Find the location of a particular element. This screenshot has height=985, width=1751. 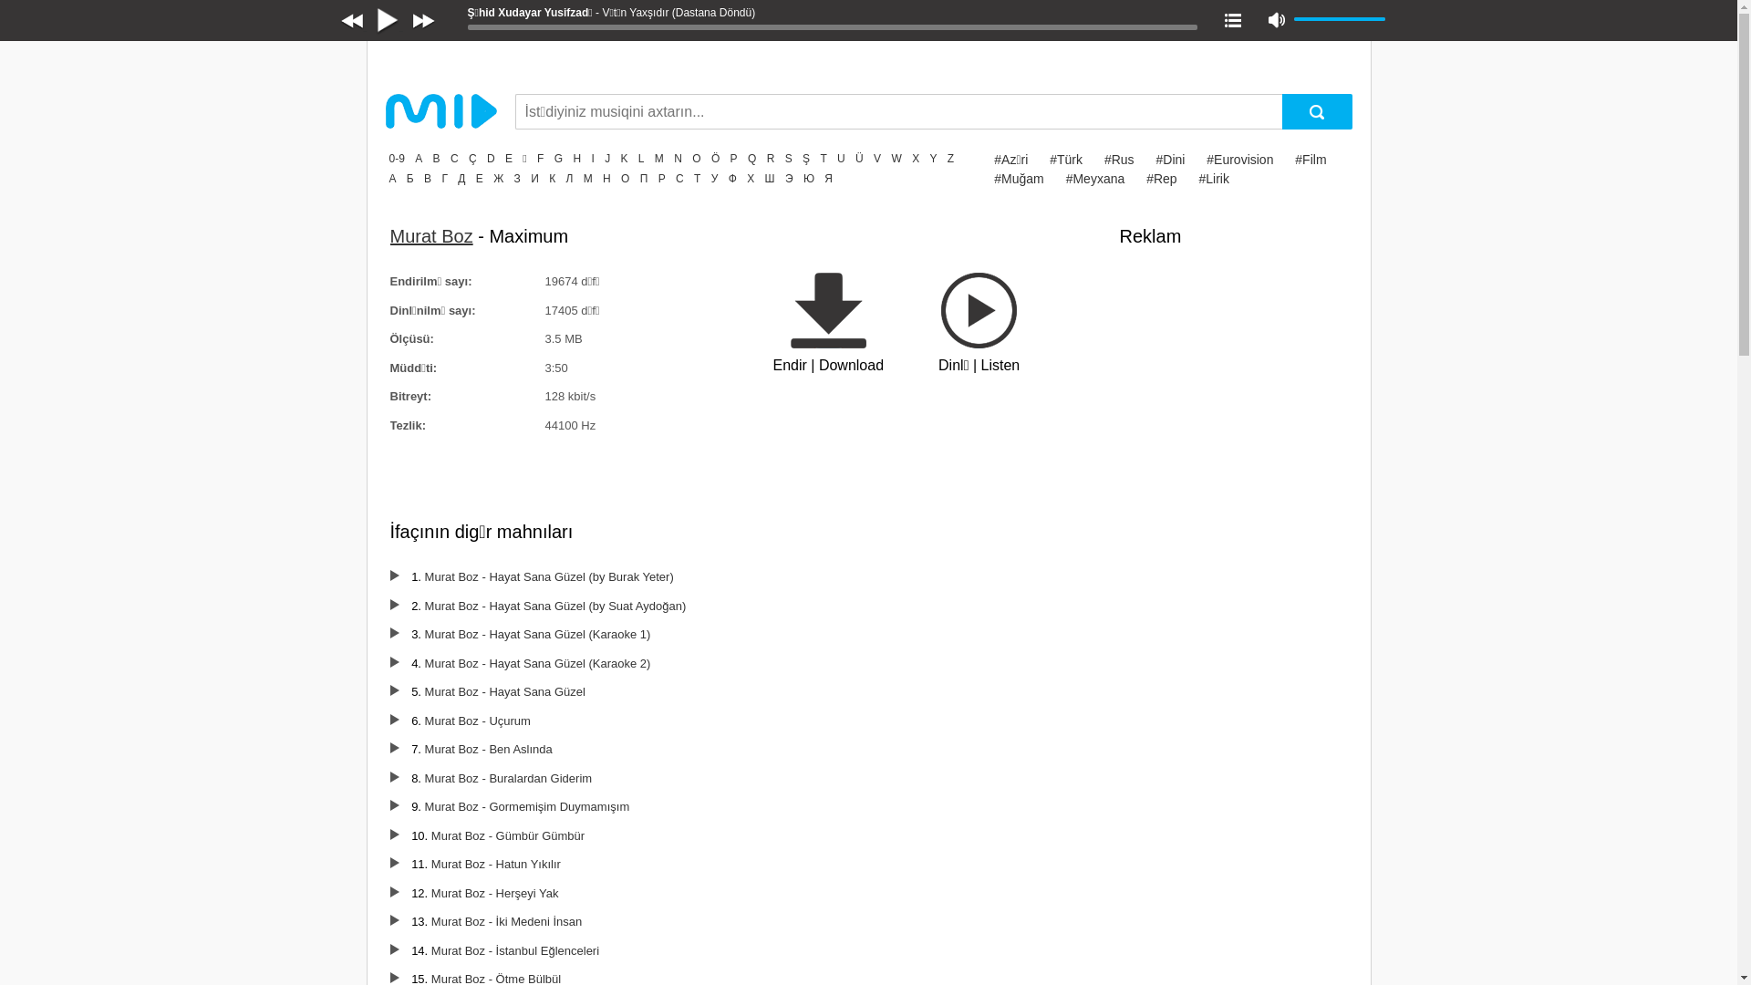

'J' is located at coordinates (604, 157).